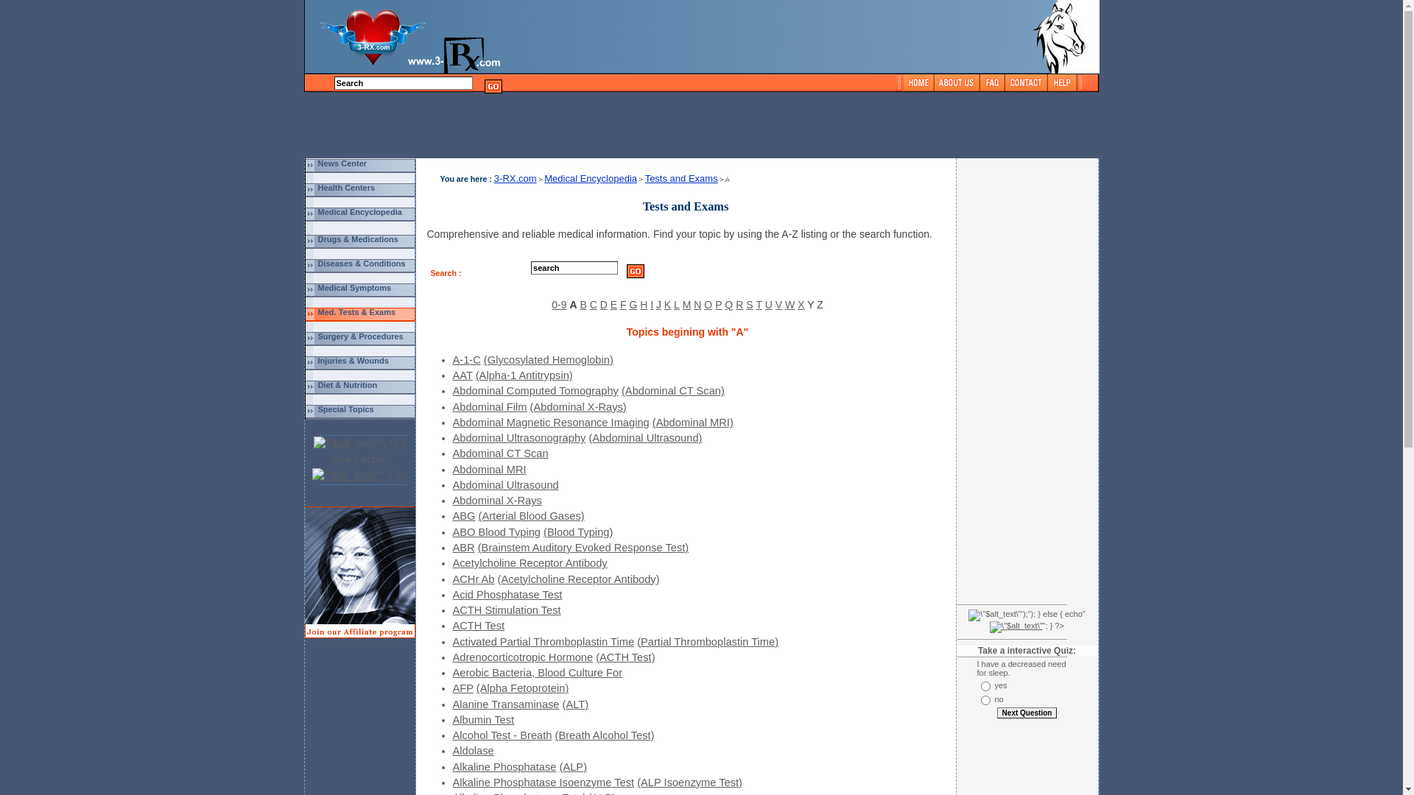 The width and height of the screenshot is (1414, 795). What do you see at coordinates (317, 311) in the screenshot?
I see `'Med. Tests & Exams'` at bounding box center [317, 311].